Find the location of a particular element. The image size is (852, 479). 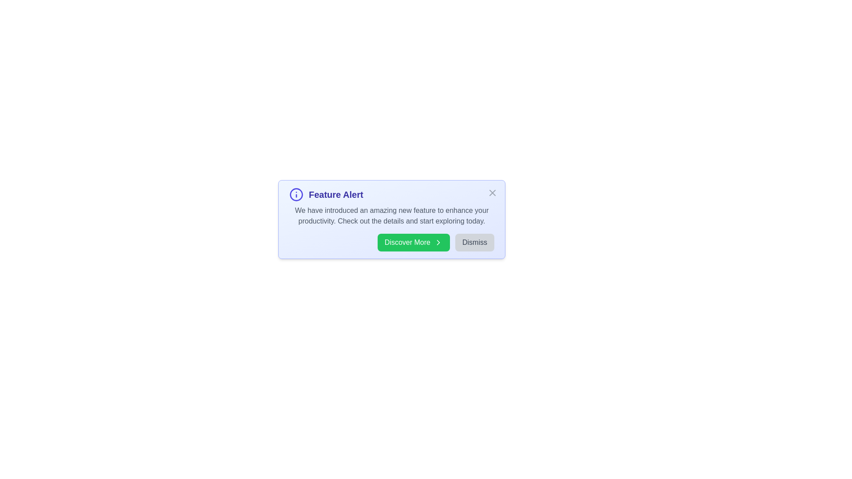

the 'Dismiss' button to close the alert is located at coordinates (474, 243).